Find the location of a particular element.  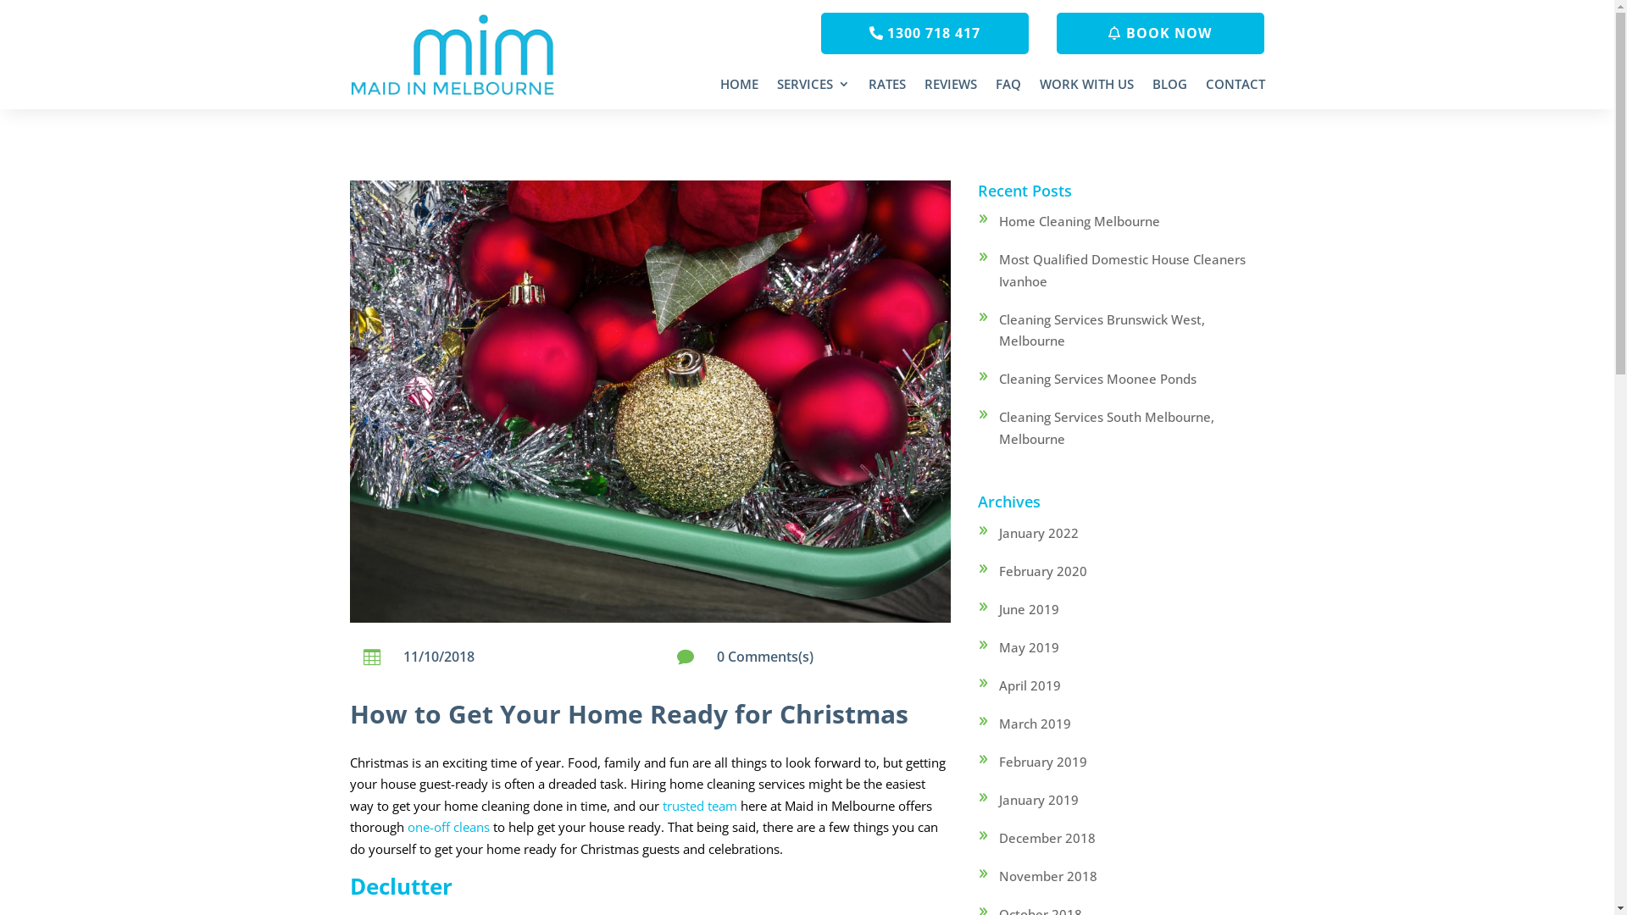

'Home Cleaning Melbourne' is located at coordinates (1078, 220).